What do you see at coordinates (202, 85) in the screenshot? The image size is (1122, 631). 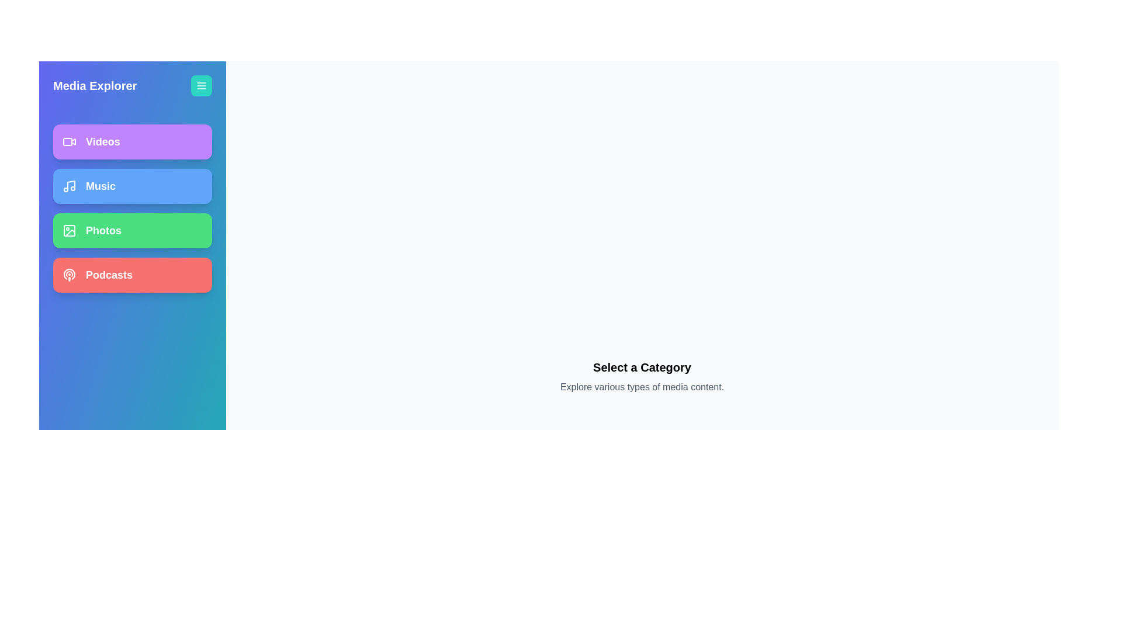 I see `the toggle button to close the drawer` at bounding box center [202, 85].